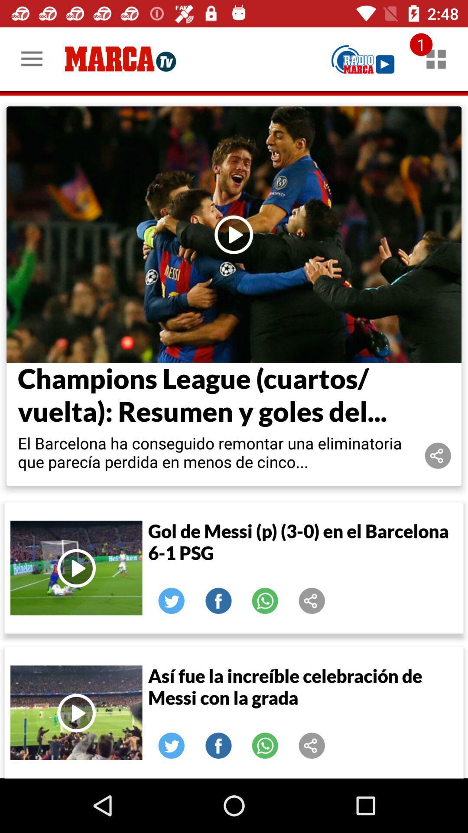 The width and height of the screenshot is (468, 833). Describe the element at coordinates (312, 600) in the screenshot. I see `share` at that location.